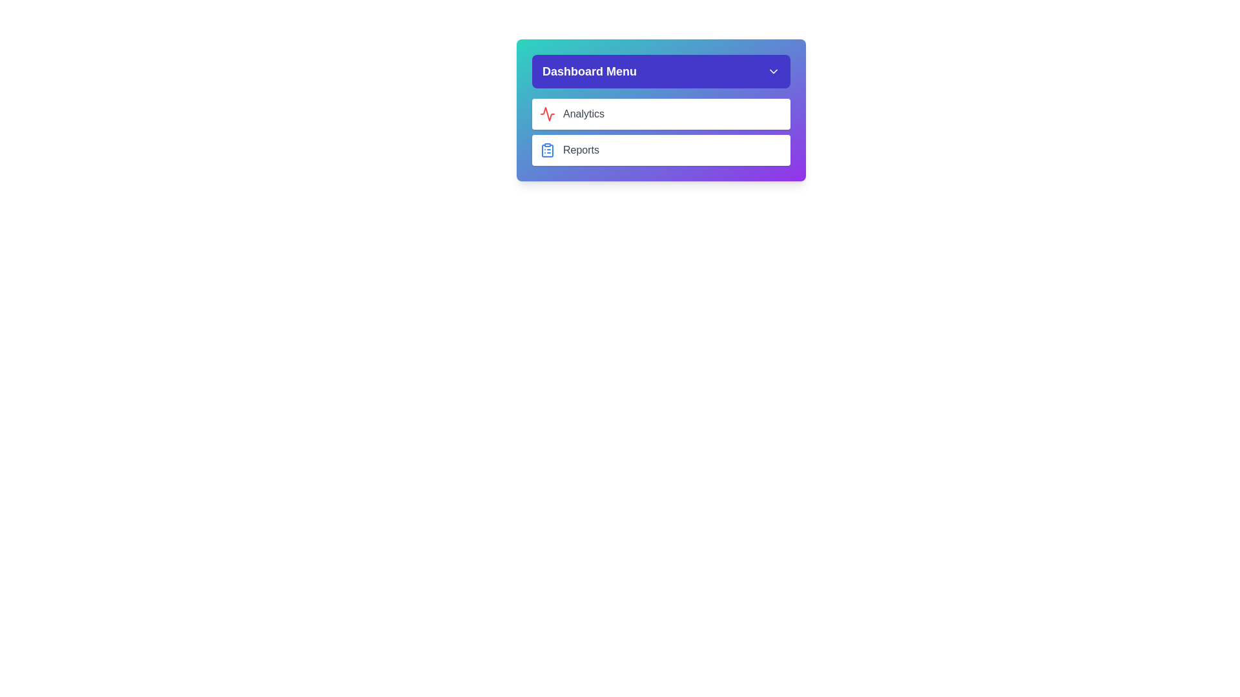 This screenshot has width=1240, height=697. Describe the element at coordinates (661, 109) in the screenshot. I see `the 'Analytics' menu item, which is visually distinct with a red icon and white background, located below the 'Dashboard Menu' header` at that location.